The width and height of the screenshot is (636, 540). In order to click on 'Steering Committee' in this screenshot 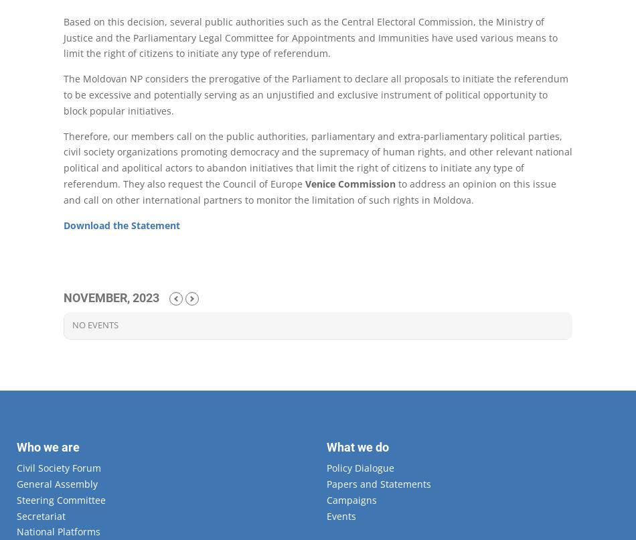, I will do `click(16, 498)`.